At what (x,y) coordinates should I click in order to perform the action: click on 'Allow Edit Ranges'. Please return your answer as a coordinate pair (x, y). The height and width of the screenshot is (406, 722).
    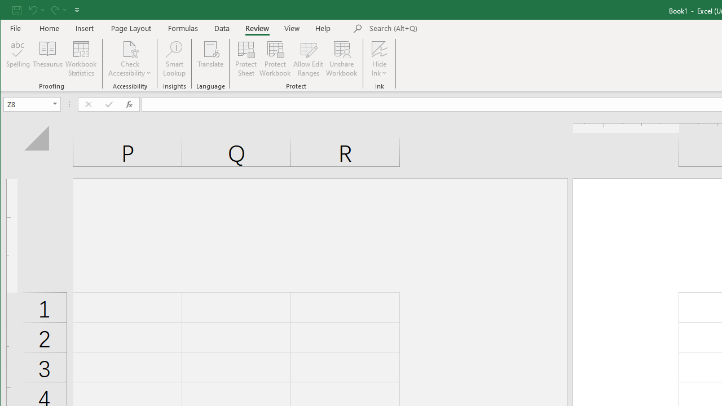
    Looking at the image, I should click on (309, 59).